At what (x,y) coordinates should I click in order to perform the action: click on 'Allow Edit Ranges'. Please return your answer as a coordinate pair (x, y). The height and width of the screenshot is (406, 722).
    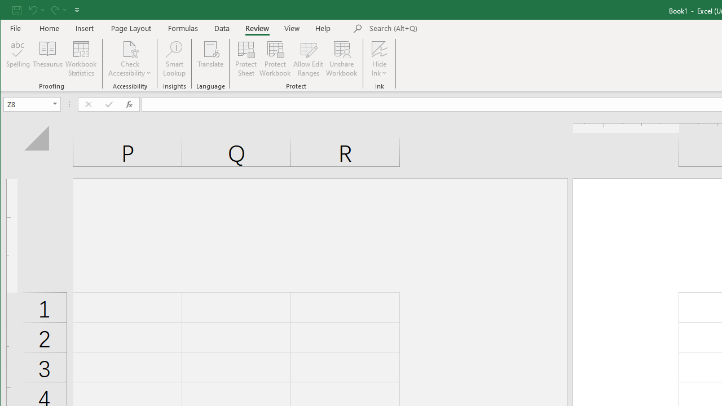
    Looking at the image, I should click on (309, 59).